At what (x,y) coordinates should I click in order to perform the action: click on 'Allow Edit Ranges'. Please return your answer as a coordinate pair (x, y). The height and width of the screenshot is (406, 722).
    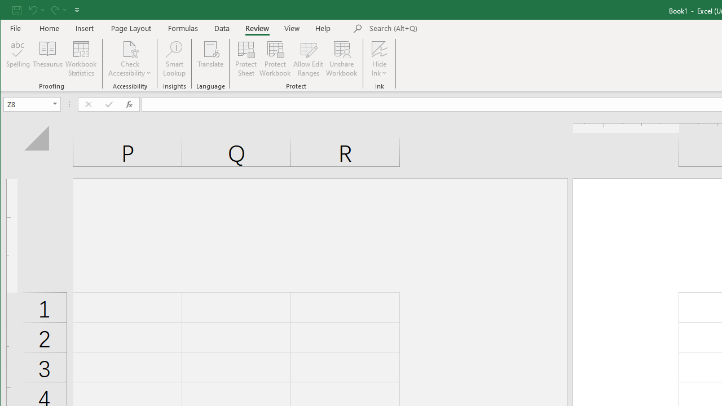
    Looking at the image, I should click on (309, 59).